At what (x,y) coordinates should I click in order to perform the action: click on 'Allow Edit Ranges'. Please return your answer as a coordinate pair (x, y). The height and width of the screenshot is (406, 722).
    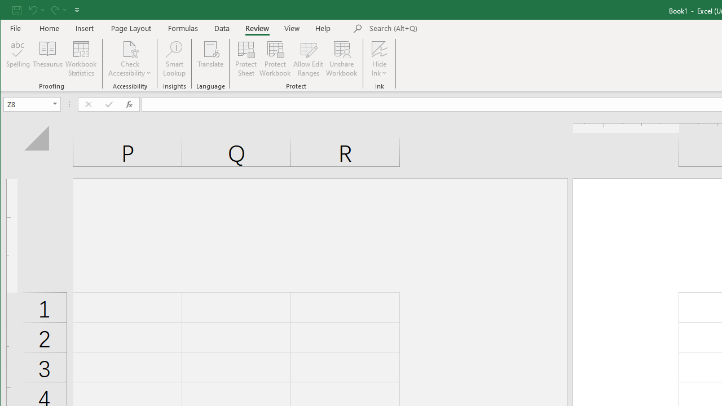
    Looking at the image, I should click on (309, 59).